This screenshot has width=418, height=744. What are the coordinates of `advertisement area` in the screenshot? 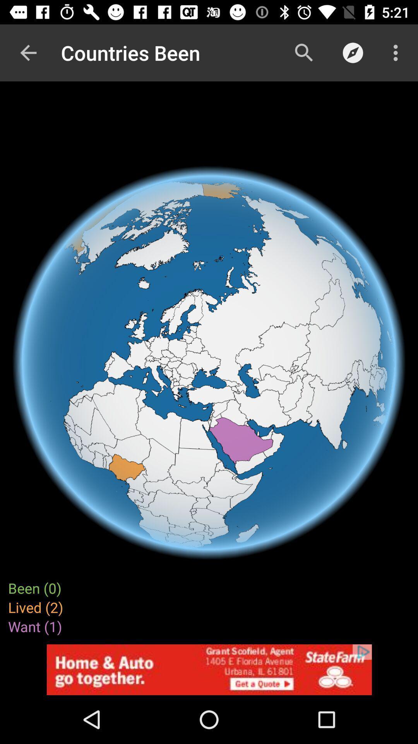 It's located at (209, 669).